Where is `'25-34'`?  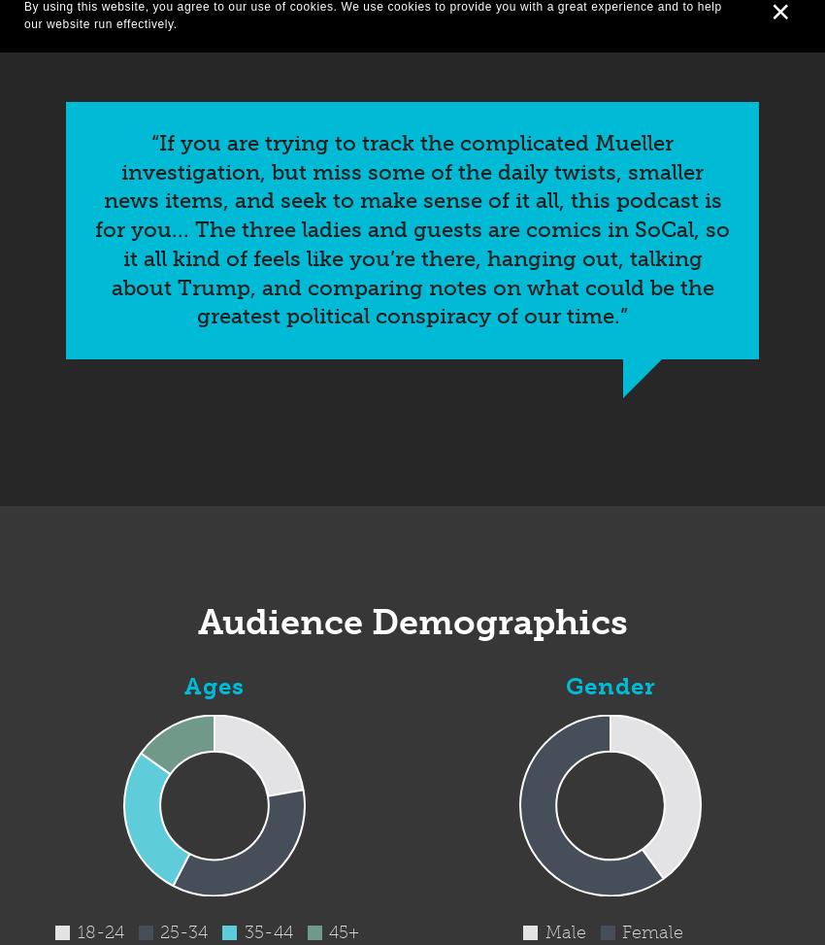
'25-34' is located at coordinates (182, 930).